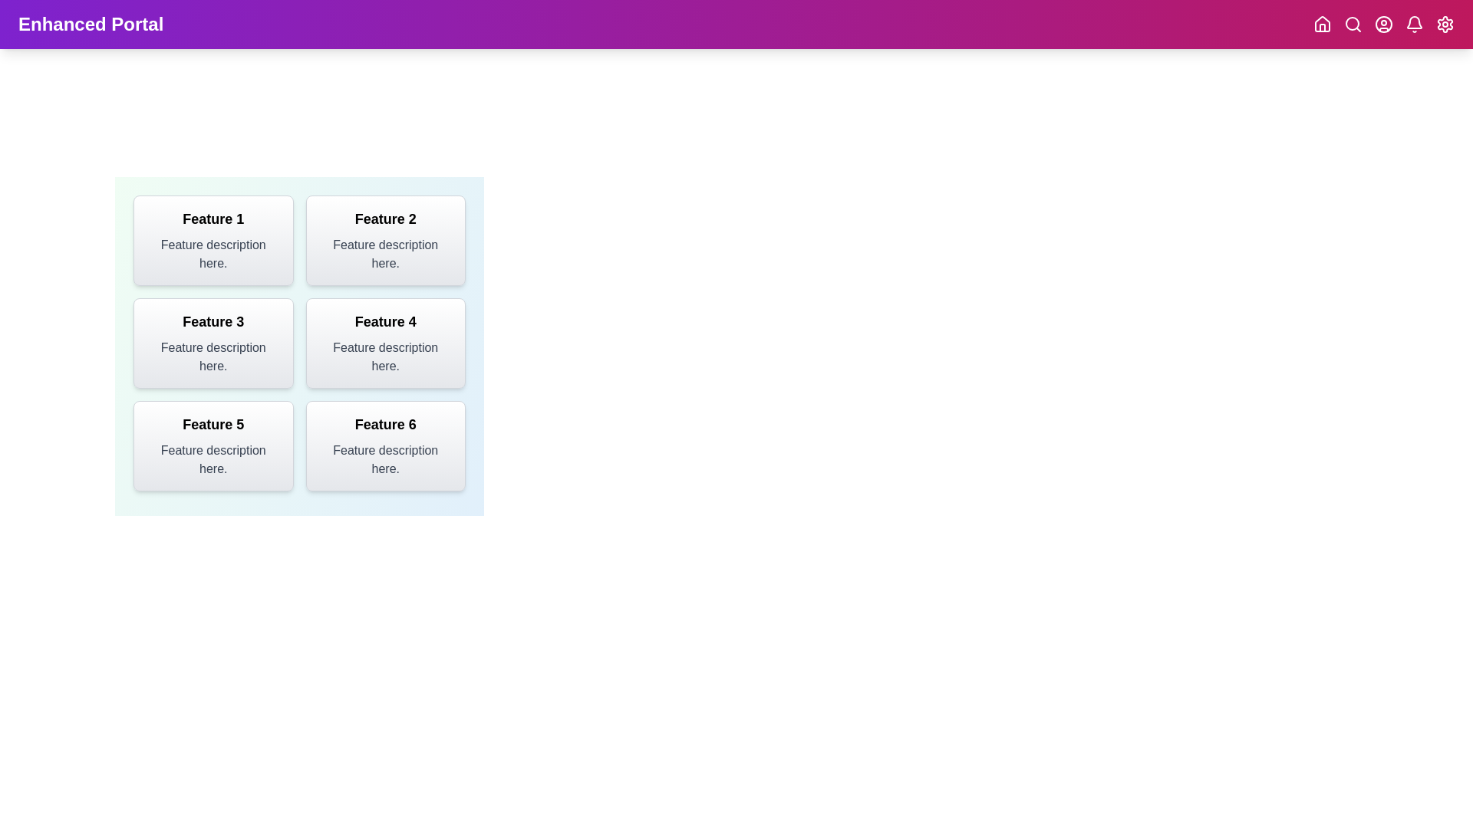  Describe the element at coordinates (1444, 24) in the screenshot. I see `the Settings navigation icon` at that location.